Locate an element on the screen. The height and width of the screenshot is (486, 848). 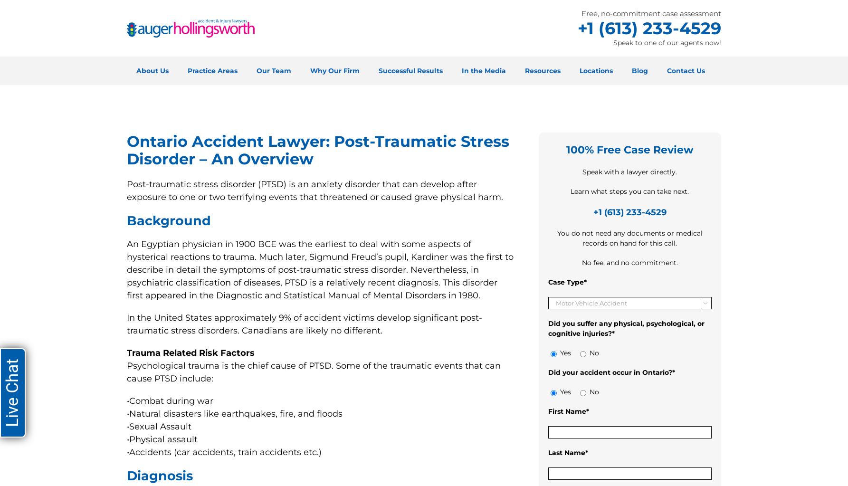
'How We Get Paid' is located at coordinates (309, 161).